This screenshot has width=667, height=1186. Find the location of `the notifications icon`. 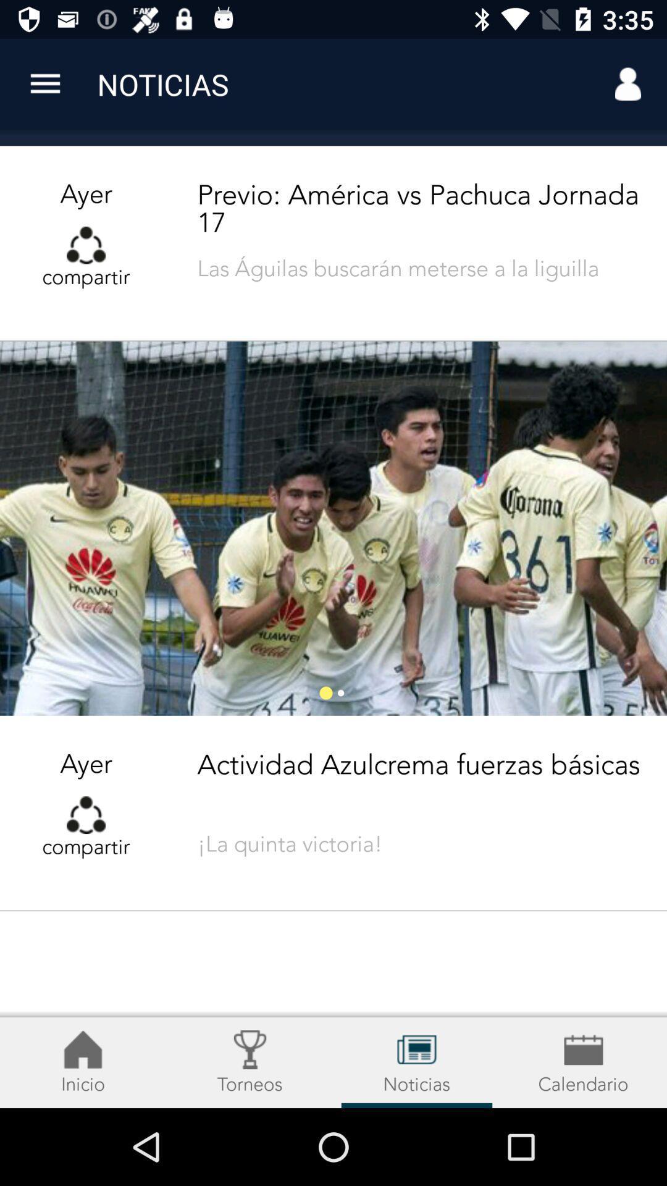

the notifications icon is located at coordinates (83, 1062).